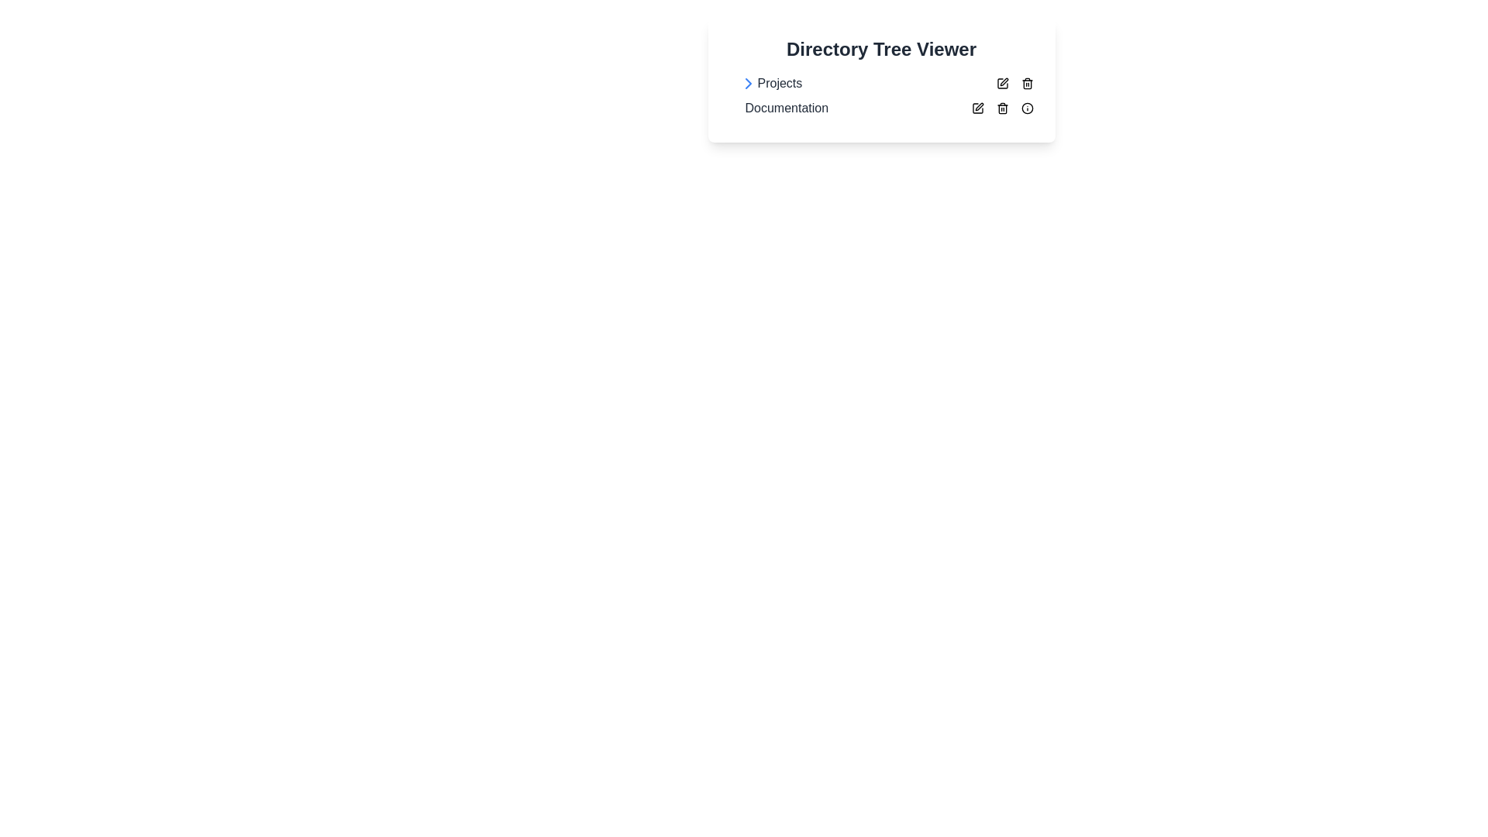 The image size is (1488, 837). I want to click on the edit icon located in the top-right corner of the 'Directory Tree Viewer' card, which is shaped like a pen, so click(976, 107).